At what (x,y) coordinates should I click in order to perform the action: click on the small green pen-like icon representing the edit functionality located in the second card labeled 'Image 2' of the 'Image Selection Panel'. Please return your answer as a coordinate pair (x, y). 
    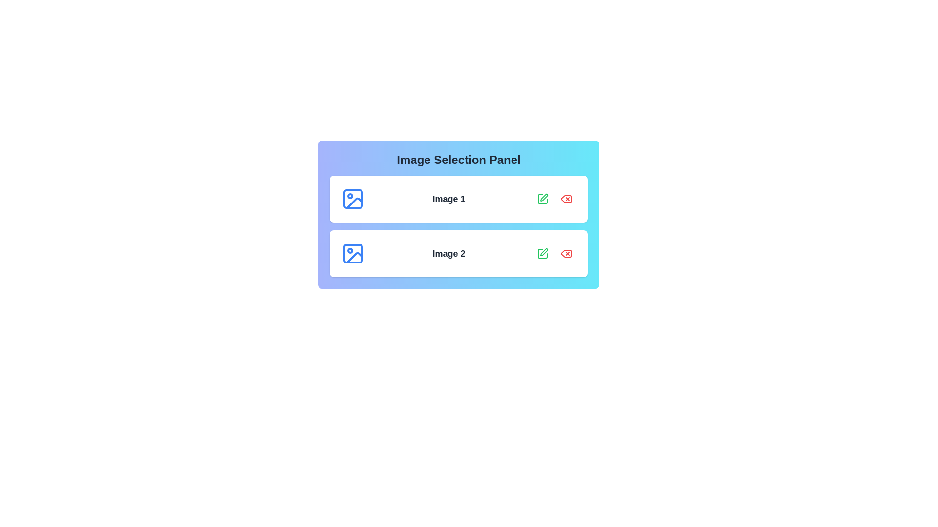
    Looking at the image, I should click on (543, 251).